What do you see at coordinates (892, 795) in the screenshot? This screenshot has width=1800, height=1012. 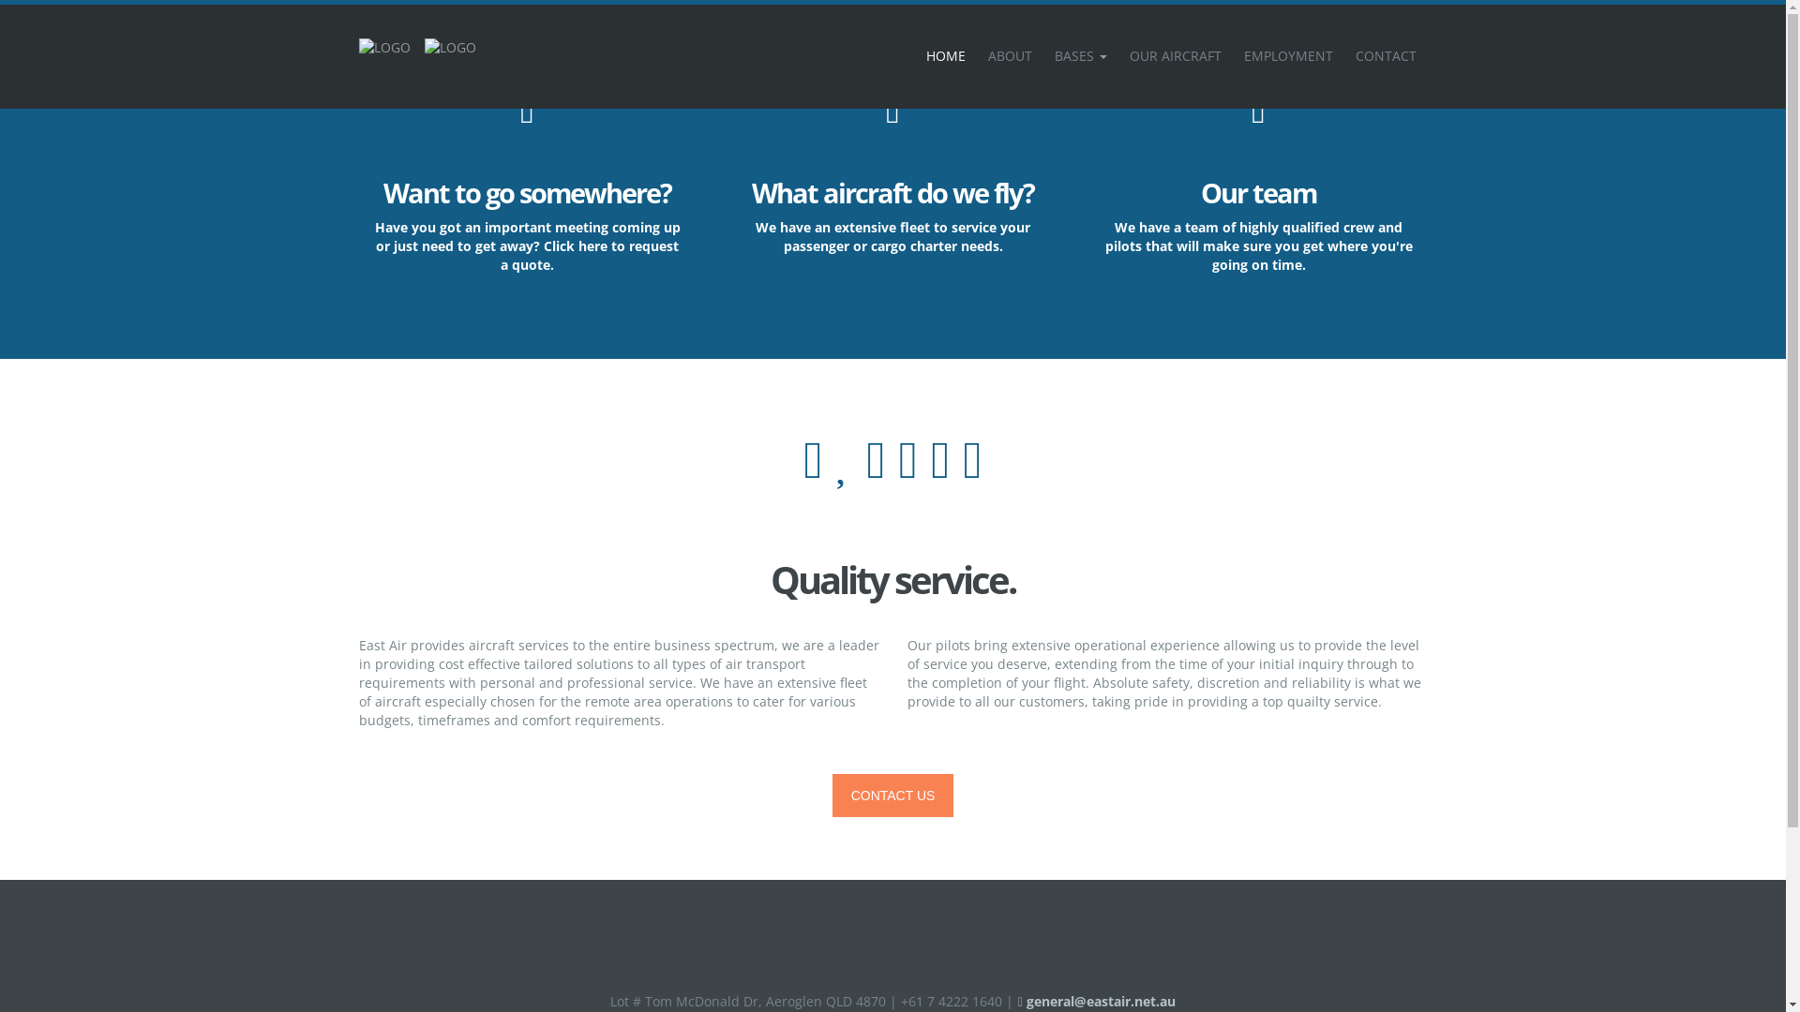 I see `'CONTACT US'` at bounding box center [892, 795].